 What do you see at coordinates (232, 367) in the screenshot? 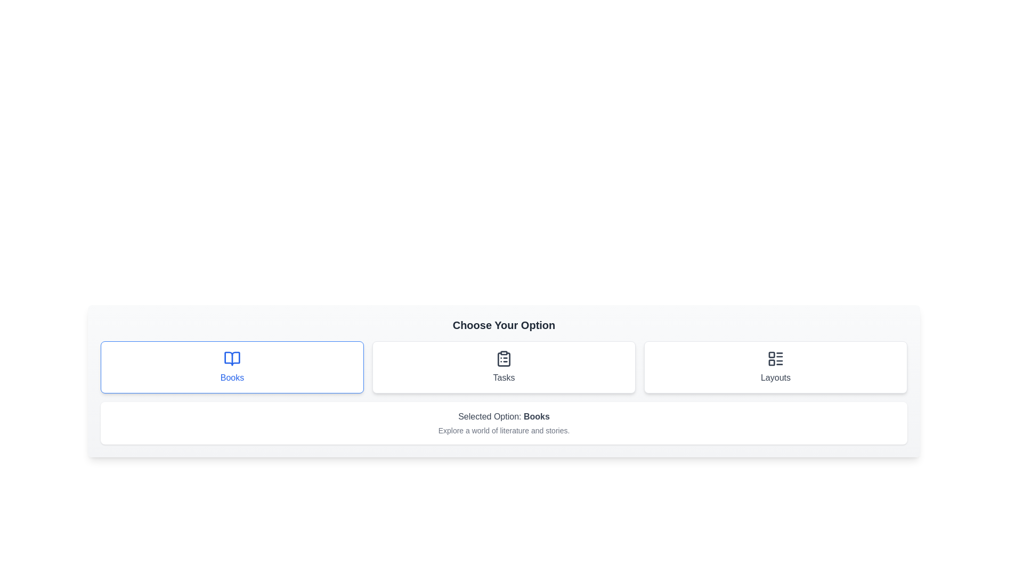
I see `the 'Books' button` at bounding box center [232, 367].